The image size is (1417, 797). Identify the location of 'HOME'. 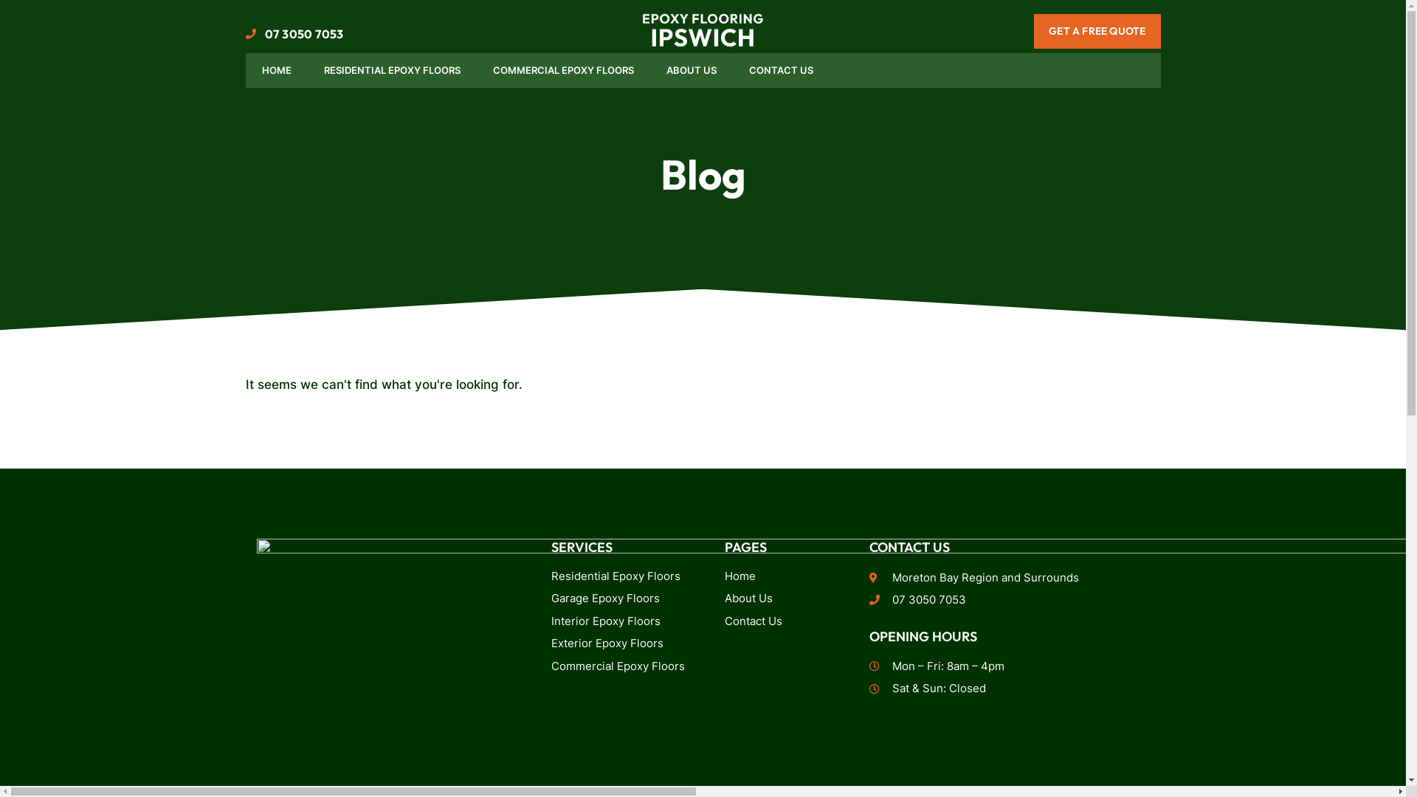
(276, 71).